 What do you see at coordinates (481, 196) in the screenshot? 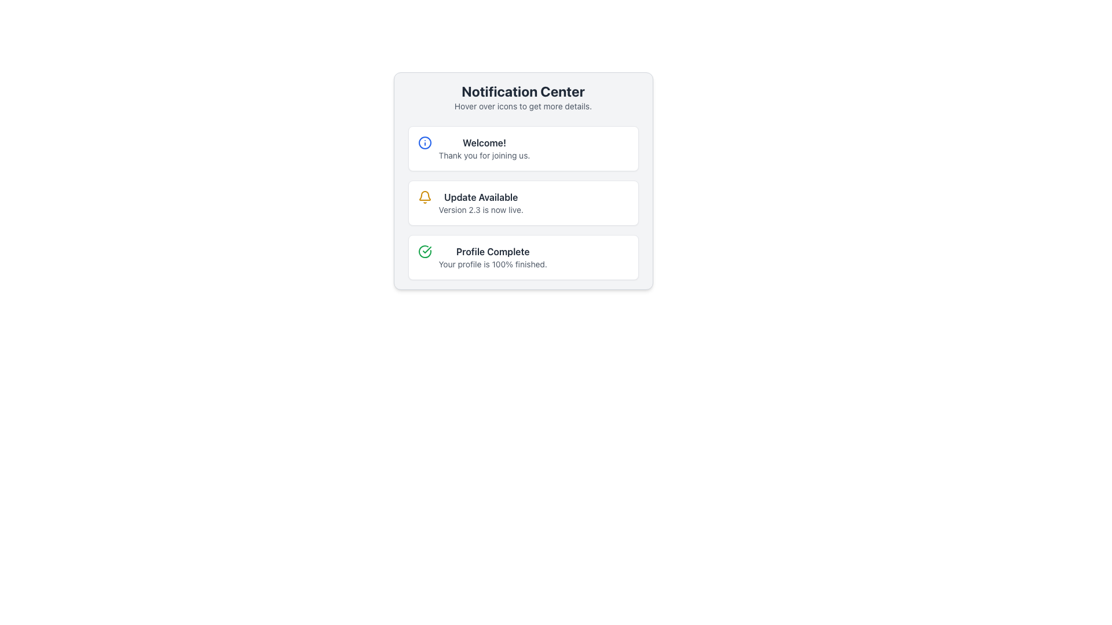
I see `the text label displaying 'Update Available' in bold font, located in the notification card under 'Notification Center'` at bounding box center [481, 196].